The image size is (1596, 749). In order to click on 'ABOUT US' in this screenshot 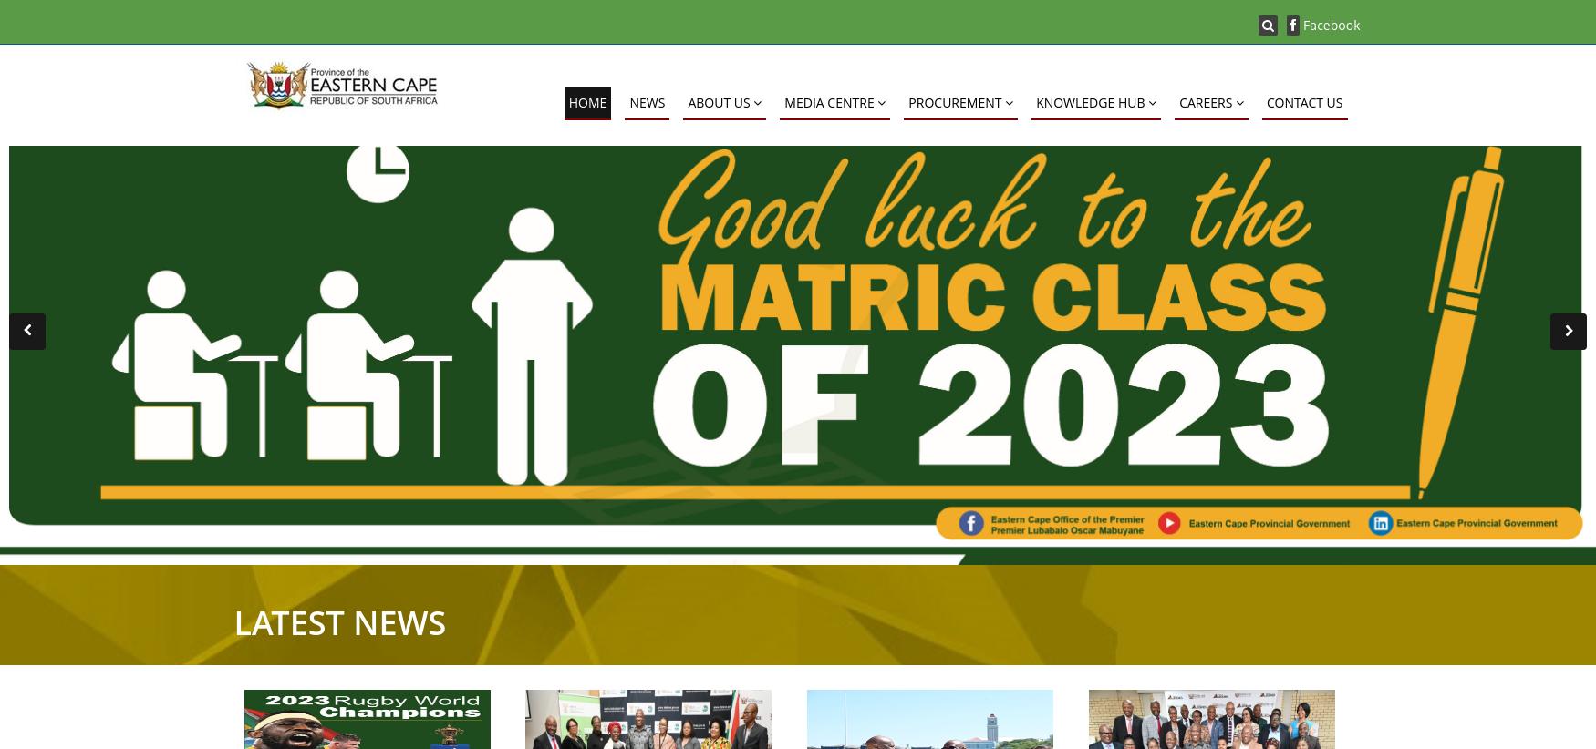, I will do `click(687, 101)`.